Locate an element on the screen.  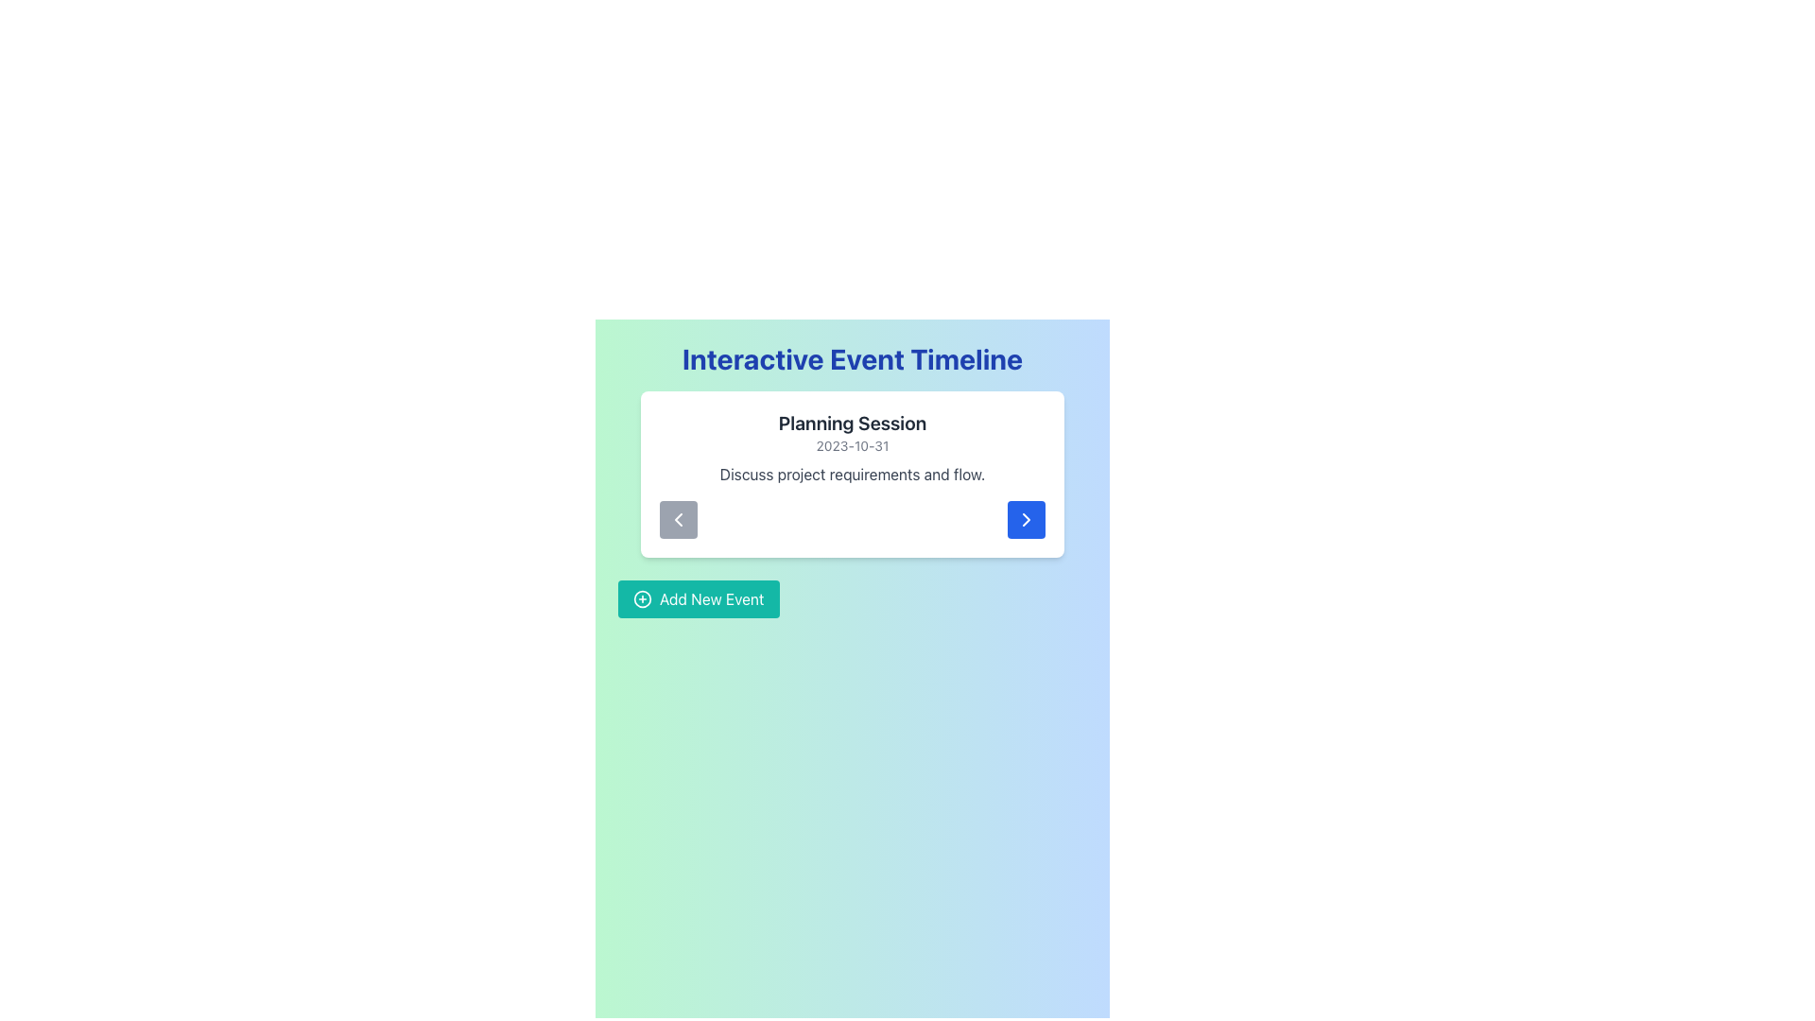
the prominent blue and white rounded button with a right chevron icon is located at coordinates (1025, 520).